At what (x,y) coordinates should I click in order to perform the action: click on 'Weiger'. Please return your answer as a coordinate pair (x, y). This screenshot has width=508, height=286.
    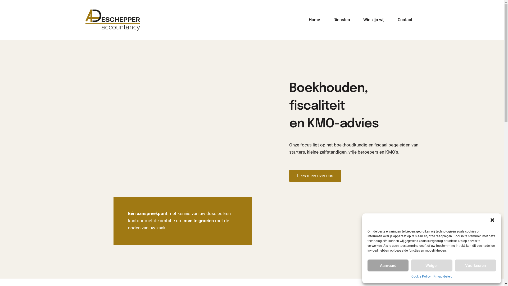
    Looking at the image, I should click on (432, 265).